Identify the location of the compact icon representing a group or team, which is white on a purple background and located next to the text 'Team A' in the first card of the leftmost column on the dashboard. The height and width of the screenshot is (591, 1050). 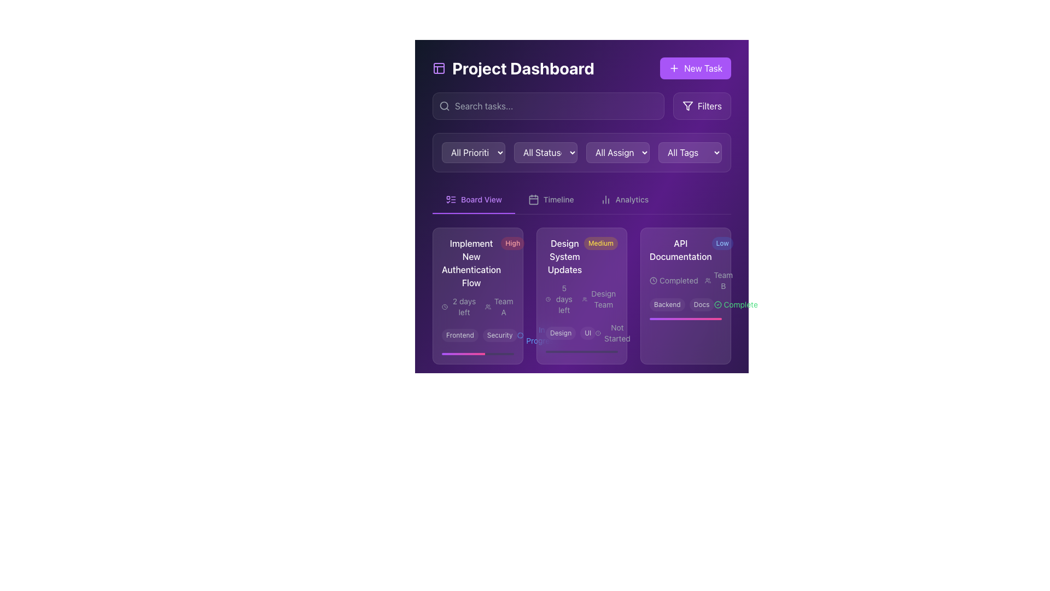
(487, 306).